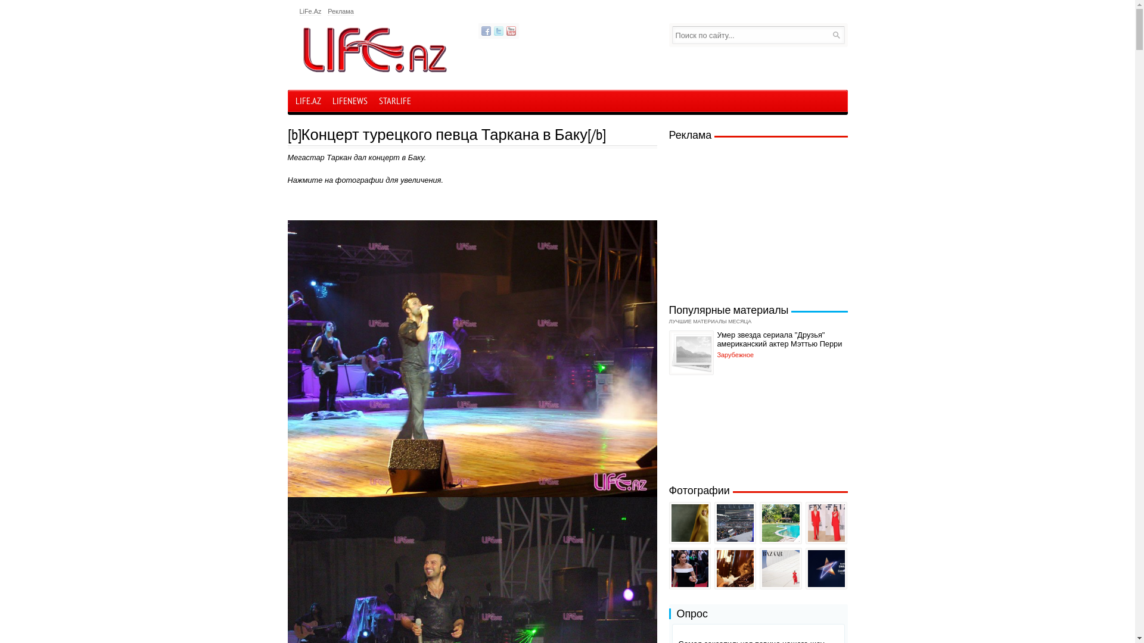 This screenshot has width=1144, height=643. I want to click on 'Facebook', so click(486, 30).